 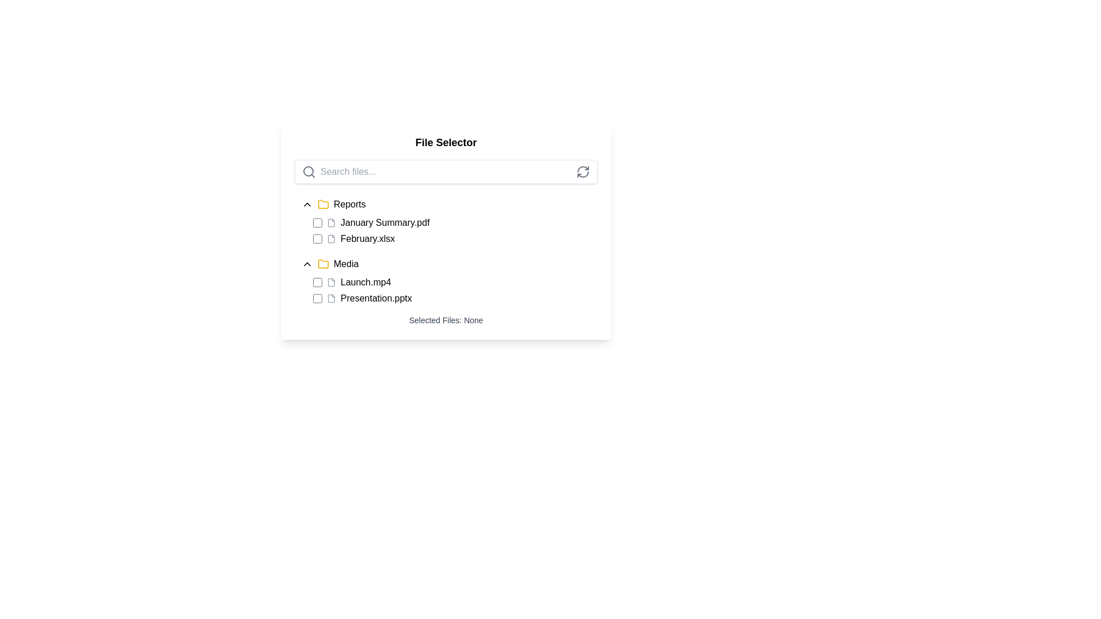 I want to click on the PDF file icon located to the left of the text 'January Summary.pdf' in the 'Reports' section of the file selector interface, so click(x=330, y=223).